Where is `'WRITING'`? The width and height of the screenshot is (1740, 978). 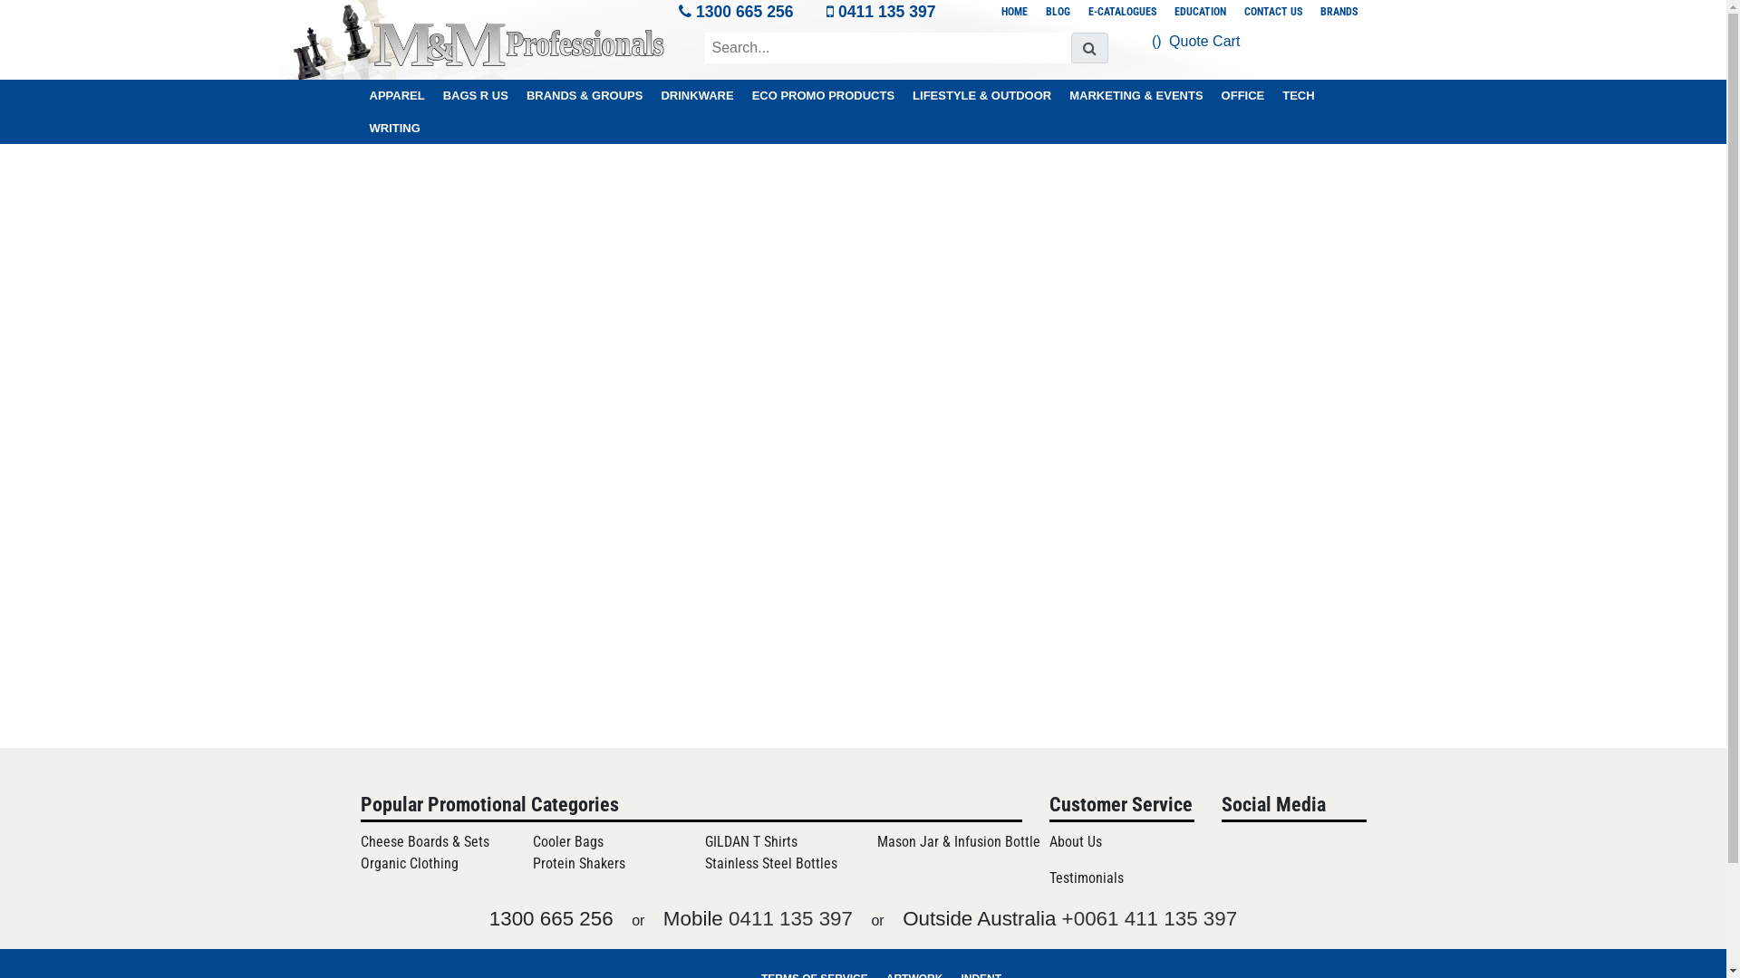 'WRITING' is located at coordinates (361, 128).